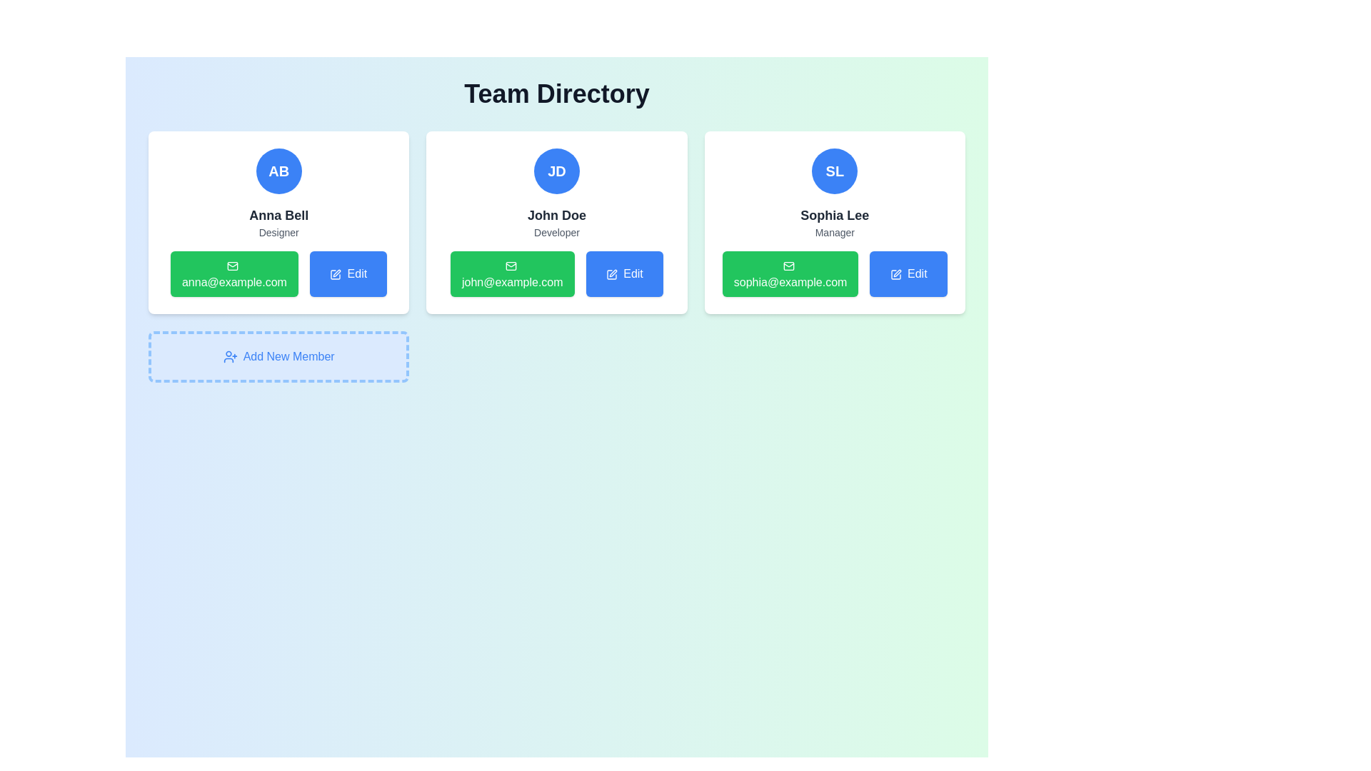  What do you see at coordinates (278, 170) in the screenshot?
I see `the avatar element representing 'Anna Bell' in the team directory, which is the leftmost badge in the top row, positioned above her name and title` at bounding box center [278, 170].